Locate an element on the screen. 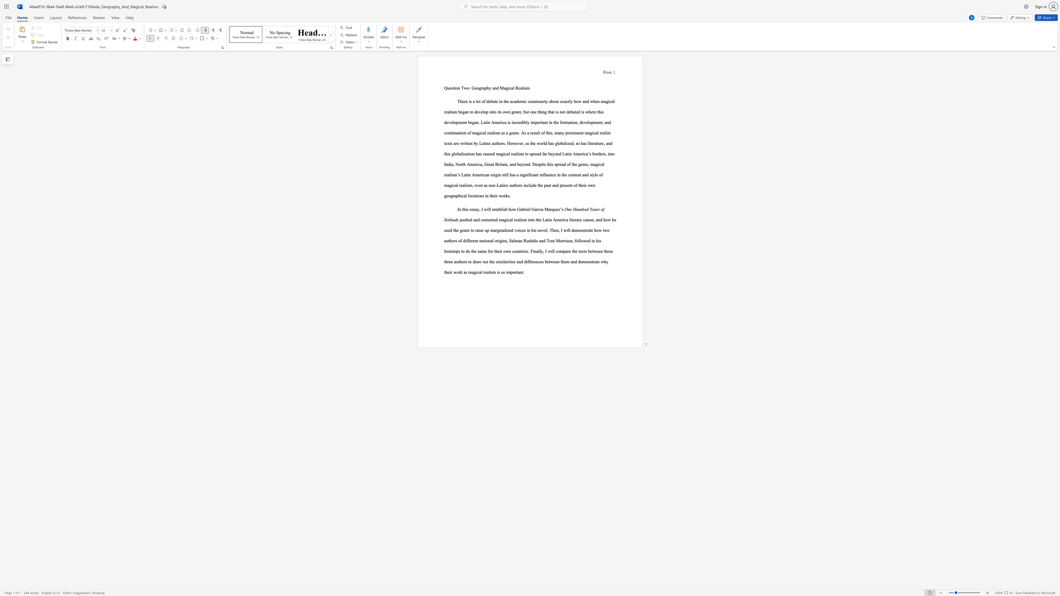  the 8th character "n" in the text is located at coordinates (583, 164).